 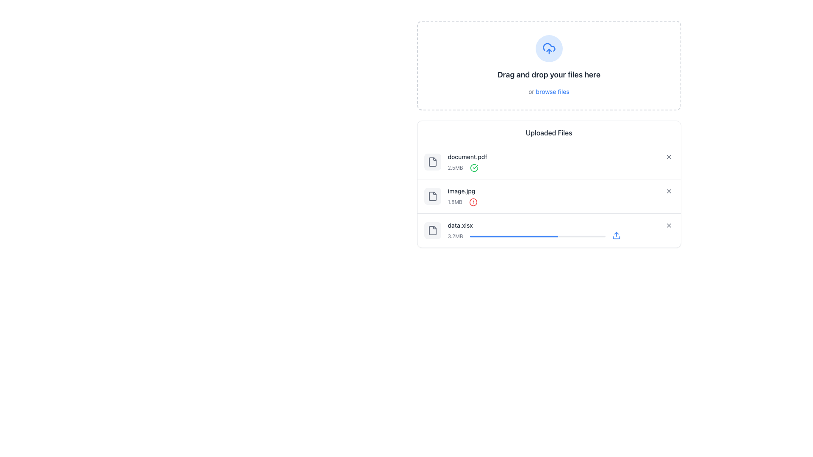 I want to click on the arc element that represents the base of the upload icon, located beneath the upward arrow and within the enclosing boundary of the icon, so click(x=616, y=237).